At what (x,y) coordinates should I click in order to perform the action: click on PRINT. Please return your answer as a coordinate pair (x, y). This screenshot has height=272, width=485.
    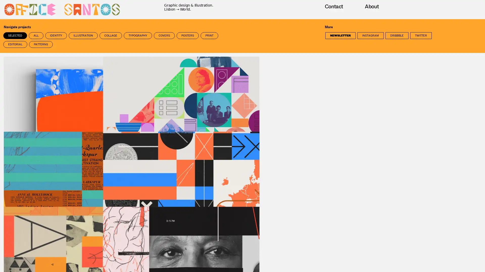
    Looking at the image, I should click on (209, 35).